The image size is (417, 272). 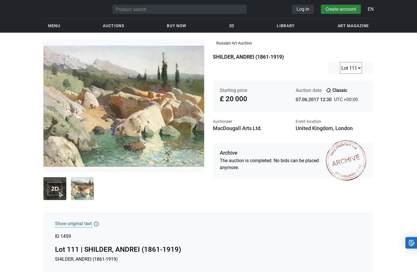 I want to click on 'Russian Art Auction', so click(x=216, y=42).